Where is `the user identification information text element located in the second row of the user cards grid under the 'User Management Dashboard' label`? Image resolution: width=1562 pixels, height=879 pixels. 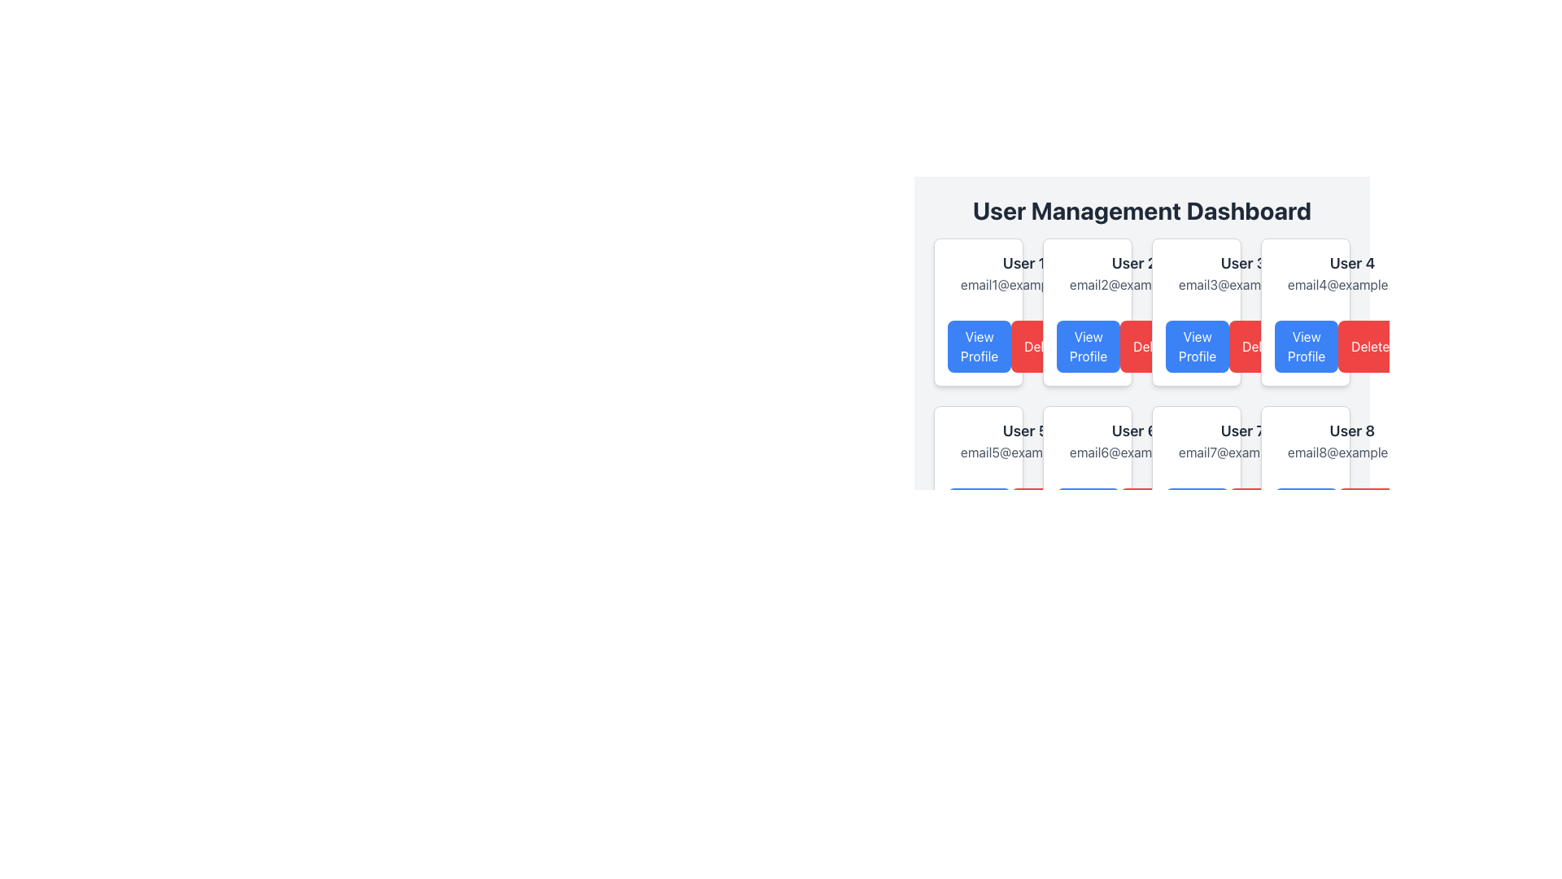
the user identification information text element located in the second row of the user cards grid under the 'User Management Dashboard' label is located at coordinates (1023, 441).